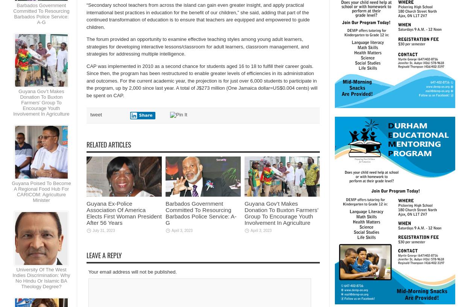 The height and width of the screenshot is (307, 459). Describe the element at coordinates (108, 144) in the screenshot. I see `'Related Articles'` at that location.